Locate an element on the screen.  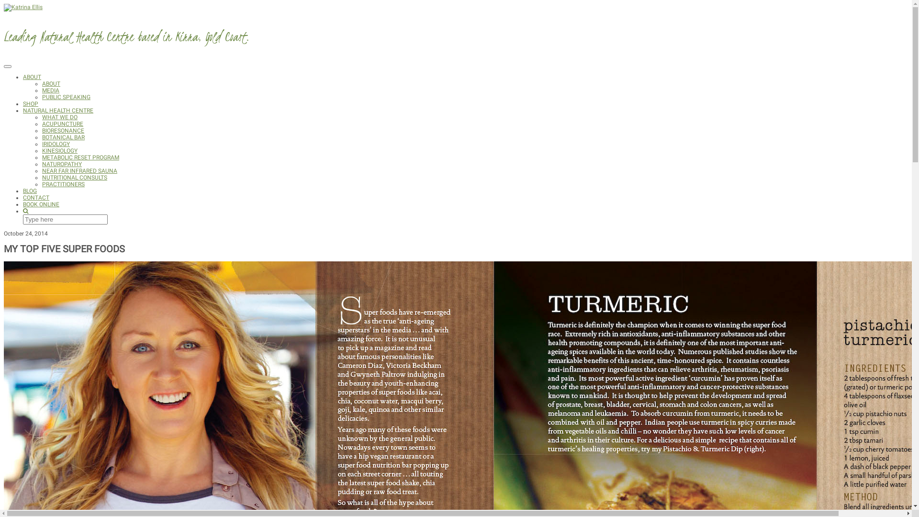
'ACUPUNCTURE' is located at coordinates (62, 123).